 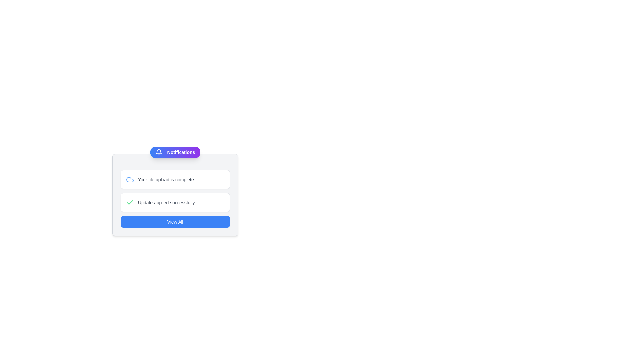 What do you see at coordinates (130, 179) in the screenshot?
I see `the blue cloud icon located in the notification header, which is centrally aligned above the notification messages` at bounding box center [130, 179].